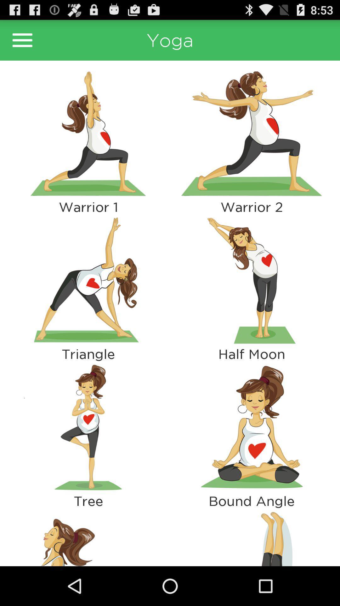  Describe the element at coordinates (88, 280) in the screenshot. I see `start instructions` at that location.